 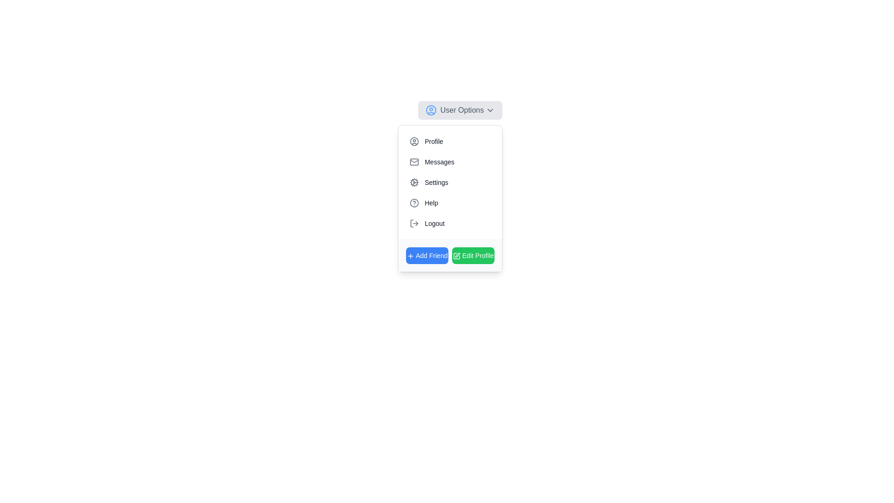 I want to click on the 'Help' icon located in the fourth row of the vertical menu, so click(x=414, y=202).